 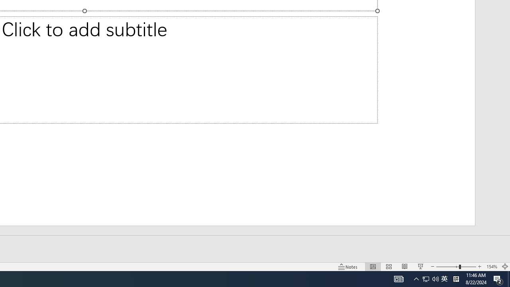 I want to click on 'Slide Sorter', so click(x=389, y=267).